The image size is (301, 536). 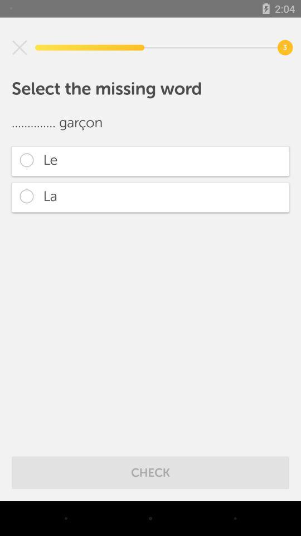 I want to click on the icon above la item, so click(x=151, y=160).